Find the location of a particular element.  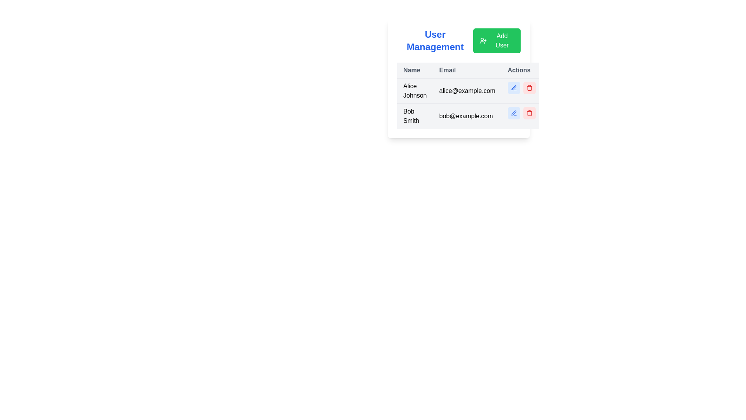

the delete button with an icon located in the 'Actions' column of the row for 'Alice Johnson' is located at coordinates (529, 87).